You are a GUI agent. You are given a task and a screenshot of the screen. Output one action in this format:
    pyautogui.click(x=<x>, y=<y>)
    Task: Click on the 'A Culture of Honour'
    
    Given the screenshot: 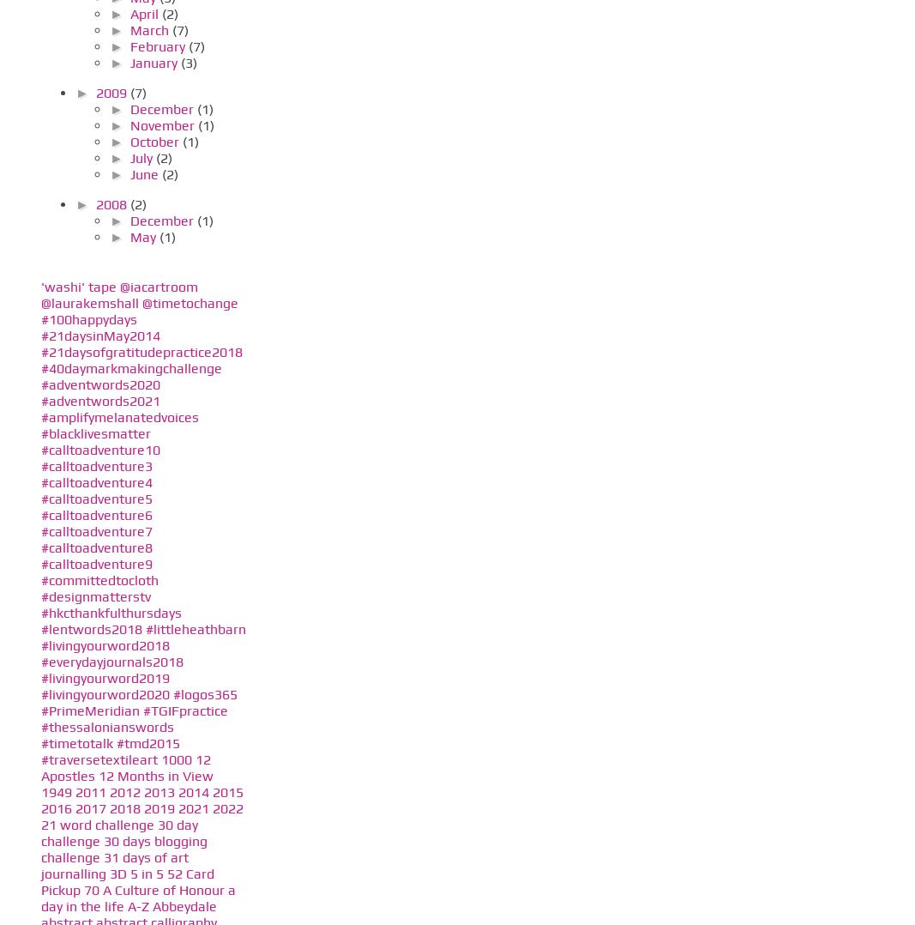 What is the action you would take?
    pyautogui.click(x=163, y=889)
    